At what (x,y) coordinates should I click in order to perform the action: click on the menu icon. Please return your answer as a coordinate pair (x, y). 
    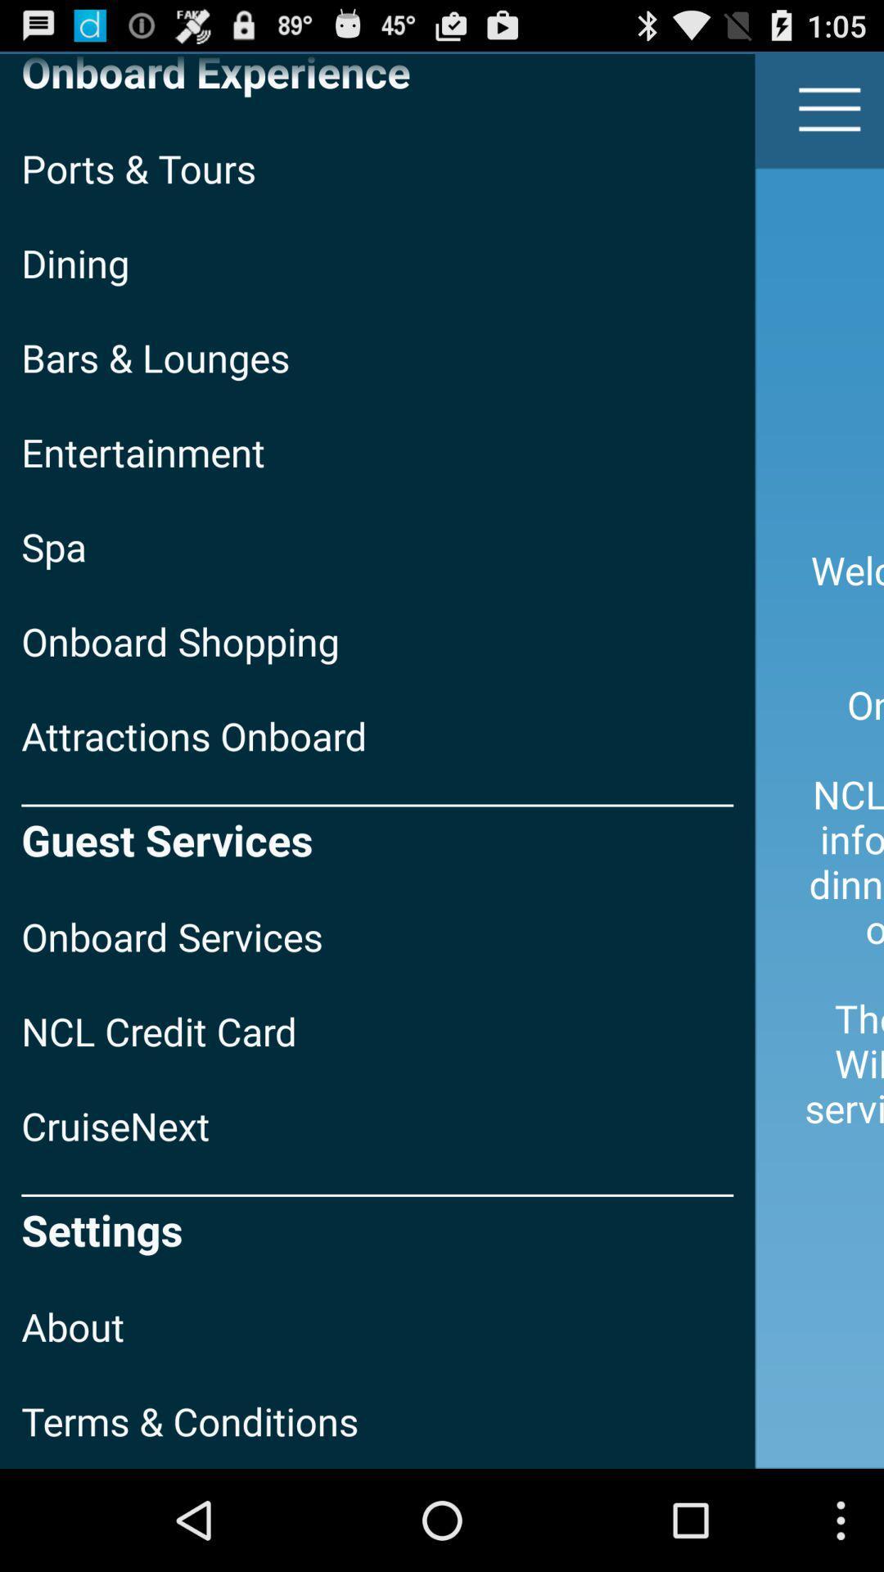
    Looking at the image, I should click on (830, 116).